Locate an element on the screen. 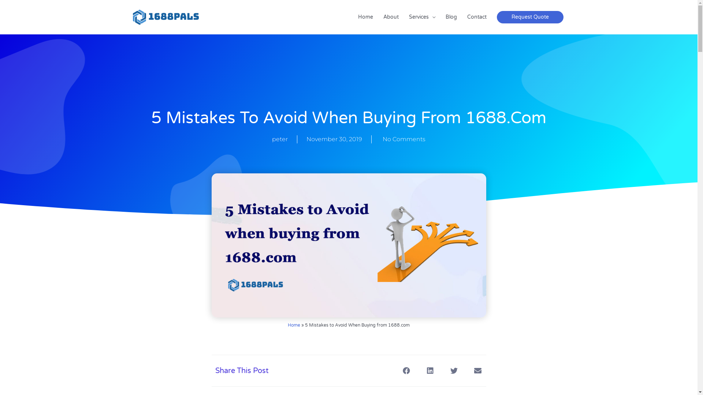 The height and width of the screenshot is (395, 703). 'Blog' is located at coordinates (450, 16).